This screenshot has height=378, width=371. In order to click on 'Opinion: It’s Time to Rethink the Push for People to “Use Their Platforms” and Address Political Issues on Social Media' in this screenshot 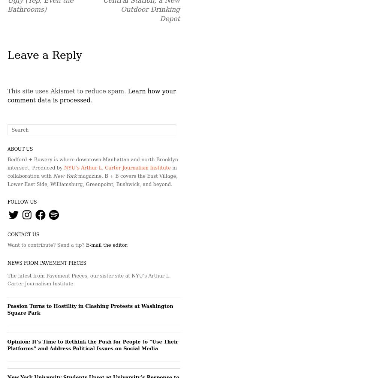, I will do `click(92, 345)`.